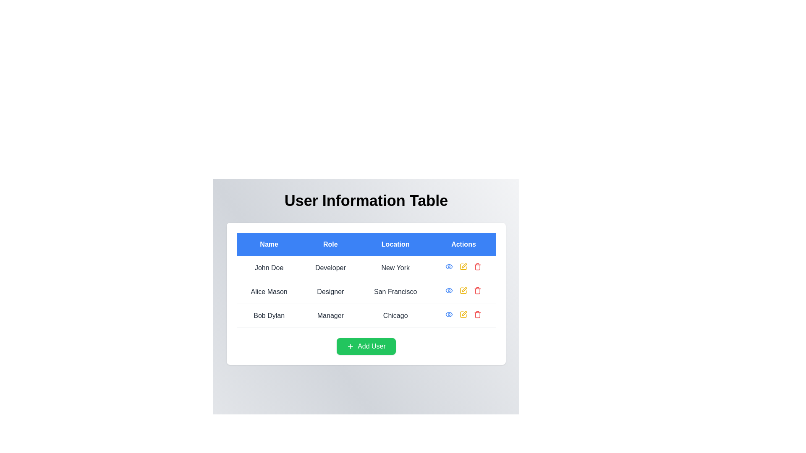 This screenshot has height=453, width=806. I want to click on the second row of the table containing 'Alice Mason', 'Designer', 'San Francisco', so click(366, 292).